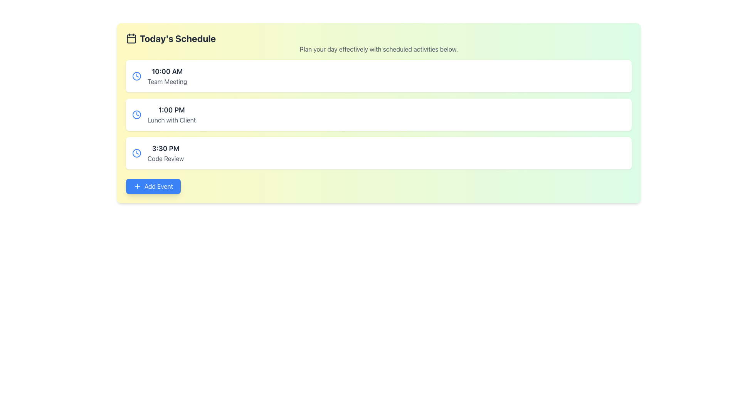 This screenshot has height=416, width=740. Describe the element at coordinates (167, 71) in the screenshot. I see `details of the Text Display element showing '10:00 AM', which is part of the event display layout above 'Team Meeting'` at that location.